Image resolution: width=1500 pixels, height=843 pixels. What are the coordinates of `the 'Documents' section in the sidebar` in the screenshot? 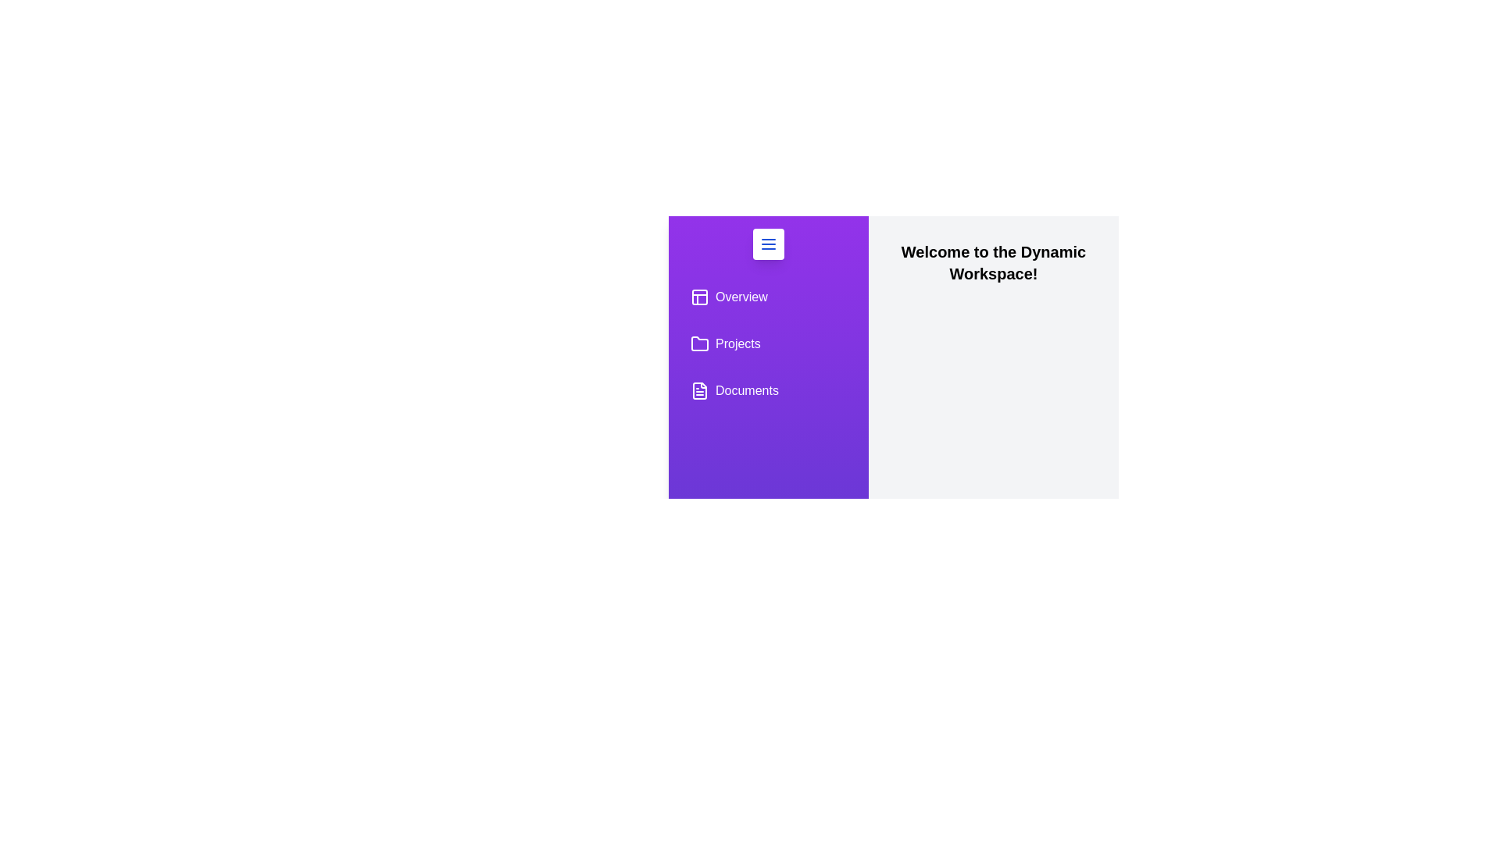 It's located at (768, 390).